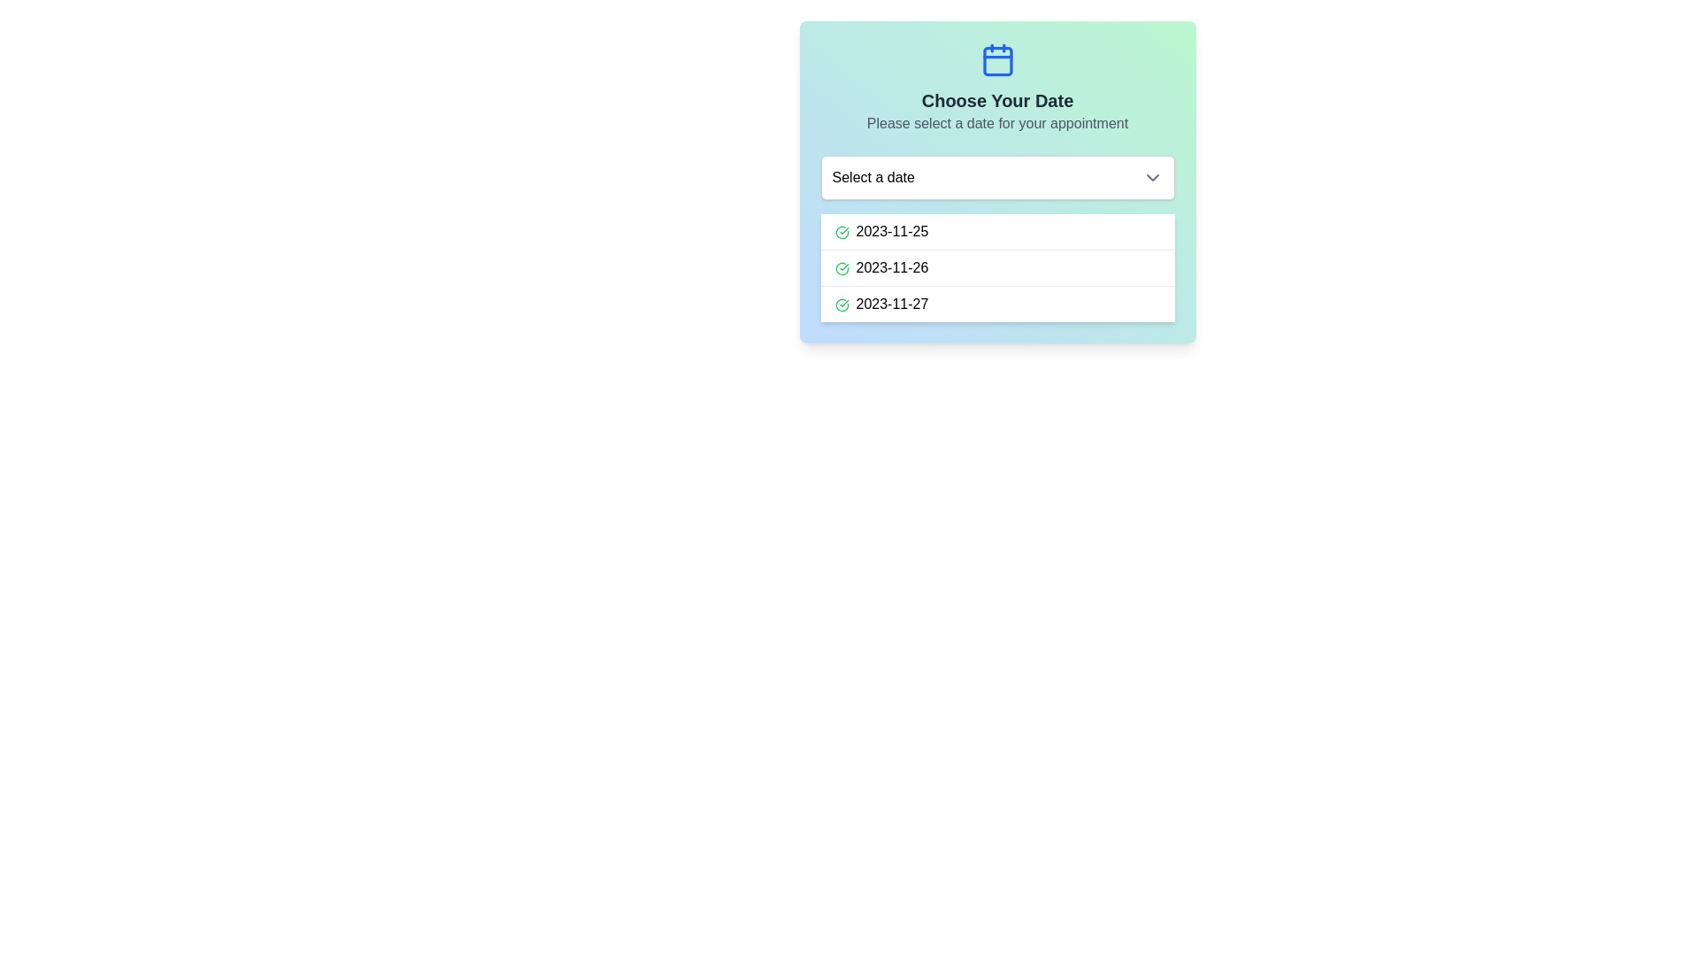  Describe the element at coordinates (997, 122) in the screenshot. I see `the static text label that provides instructions for selecting a date for the appointment, located immediately below the 'Choose Your Date' header` at that location.